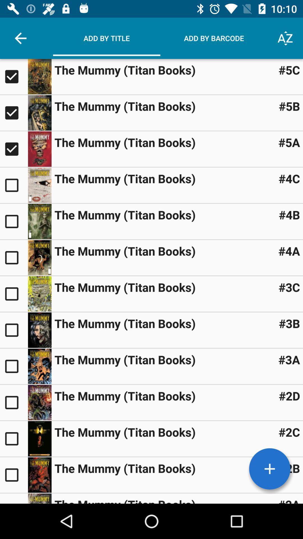 The image size is (303, 539). I want to click on a certain book, so click(39, 293).